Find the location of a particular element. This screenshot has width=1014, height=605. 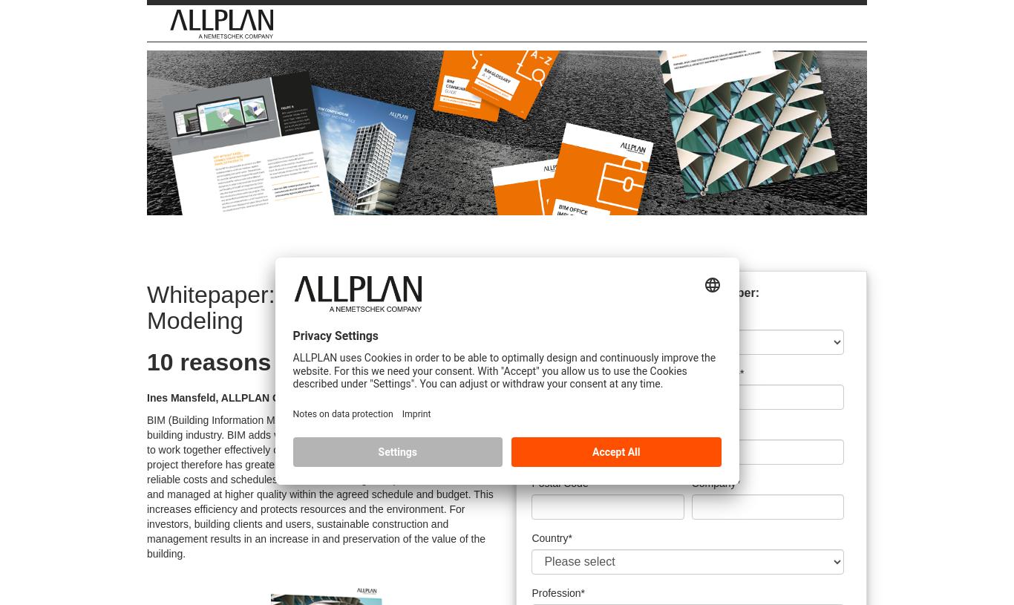

'Ines Mansfeld, ALLPLAN GmbH' is located at coordinates (225, 396).